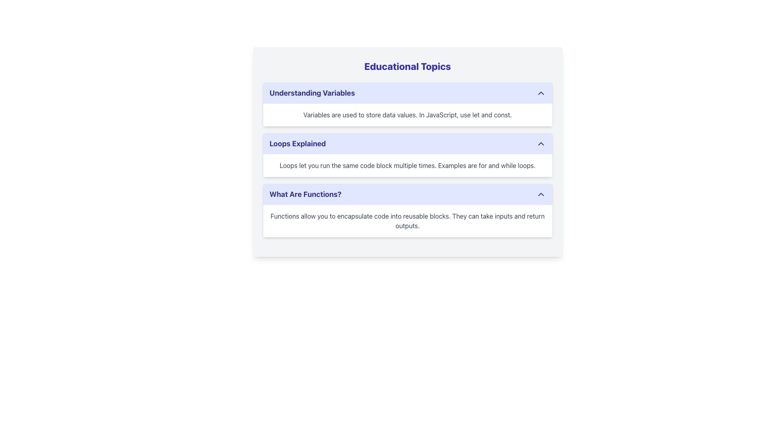  Describe the element at coordinates (407, 221) in the screenshot. I see `informational text block about 'Functions' in programming, which is centrally positioned below the section title 'What Are Functions?'` at that location.